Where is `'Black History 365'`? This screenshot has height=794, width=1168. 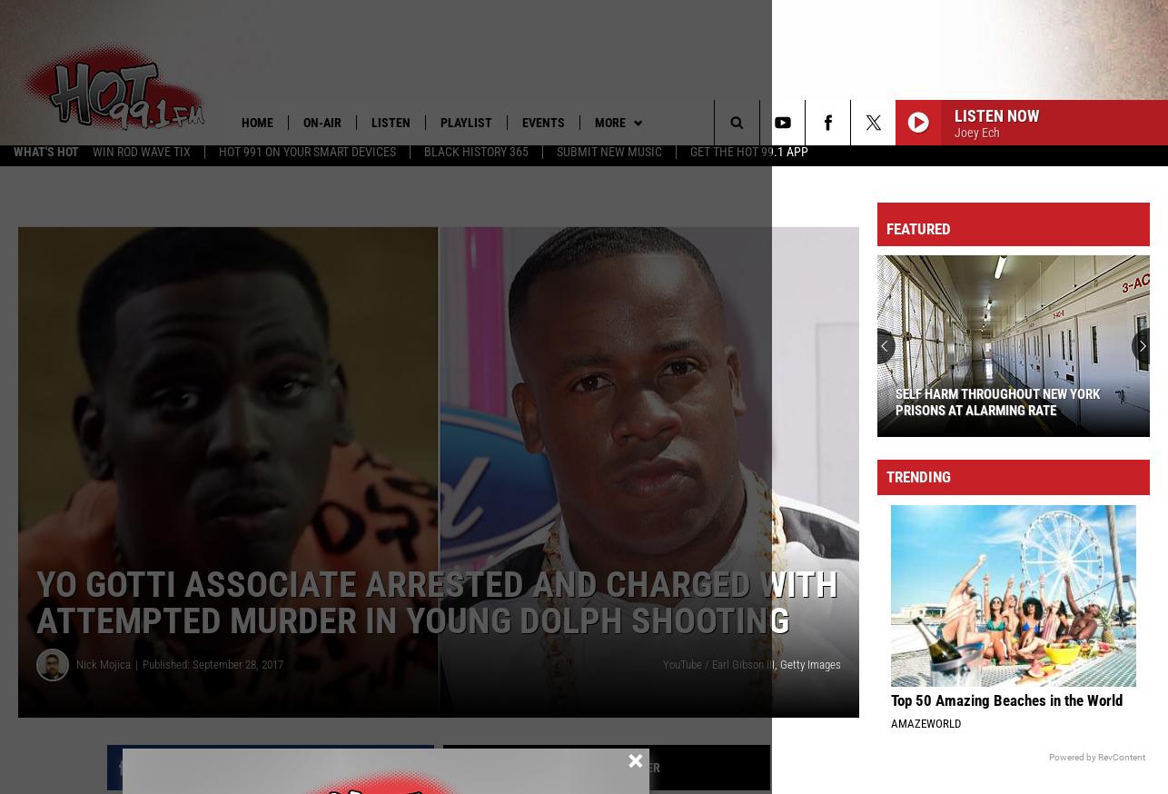 'Black History 365' is located at coordinates (475, 159).